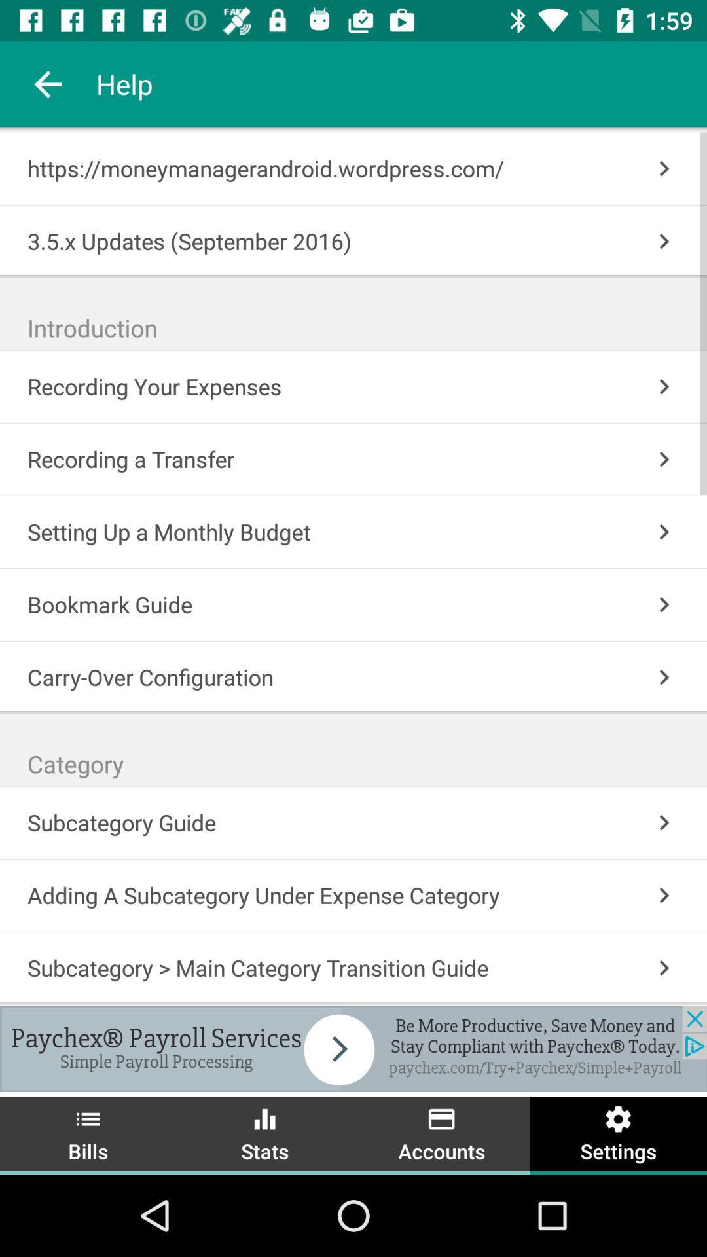 The width and height of the screenshot is (707, 1257). What do you see at coordinates (47, 83) in the screenshot?
I see `the arrow_backward icon` at bounding box center [47, 83].